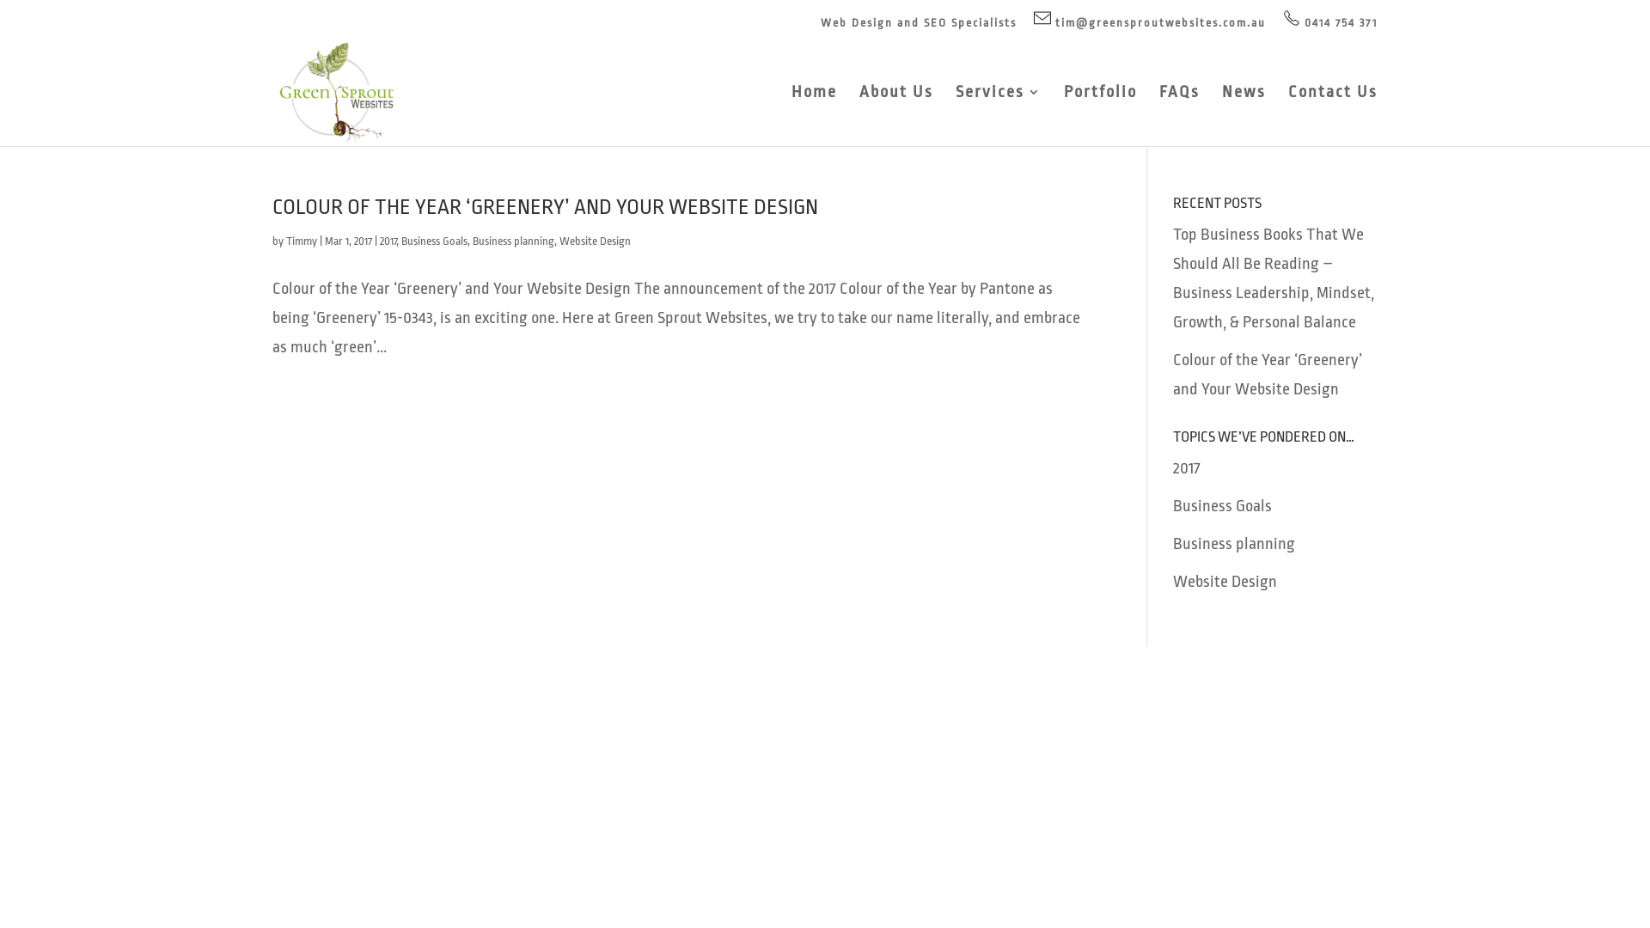  Describe the element at coordinates (387, 241) in the screenshot. I see `'2017'` at that location.